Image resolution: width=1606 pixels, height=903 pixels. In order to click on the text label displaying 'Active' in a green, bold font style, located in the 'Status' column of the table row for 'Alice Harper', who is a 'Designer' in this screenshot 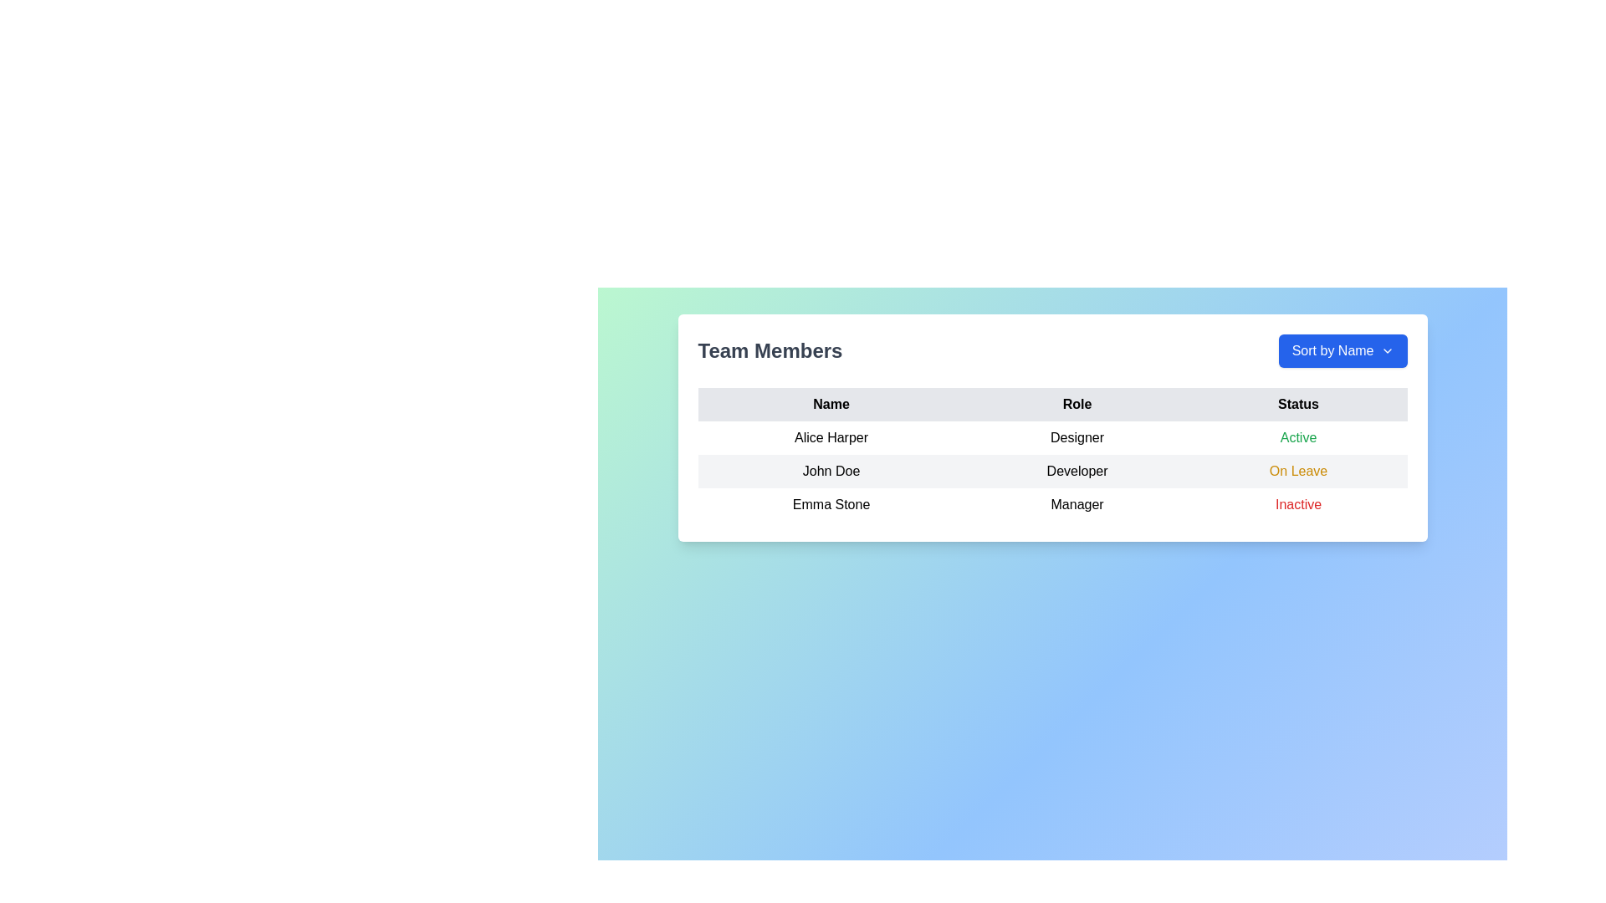, I will do `click(1297, 437)`.